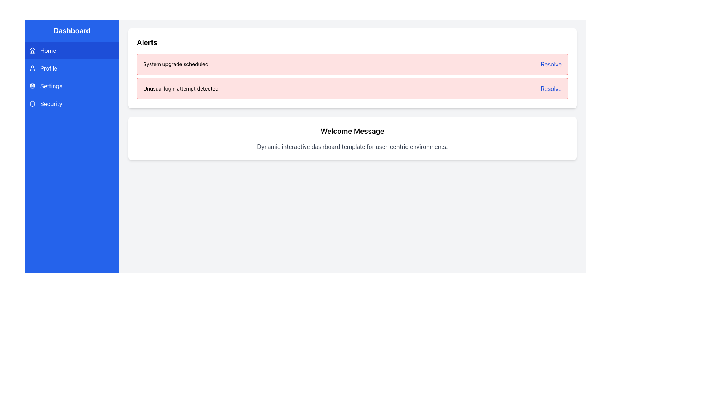 This screenshot has width=709, height=399. What do you see at coordinates (48, 68) in the screenshot?
I see `the 'Profile' text label, which is styled with a blue background and white text, located in the vertical navigation menu on the left side` at bounding box center [48, 68].